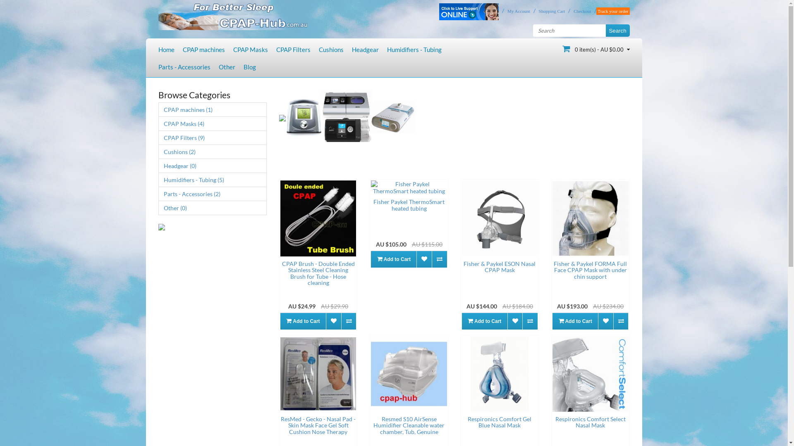 Image resolution: width=794 pixels, height=446 pixels. Describe the element at coordinates (232, 15) in the screenshot. I see `'Cpap-Hub'` at that location.